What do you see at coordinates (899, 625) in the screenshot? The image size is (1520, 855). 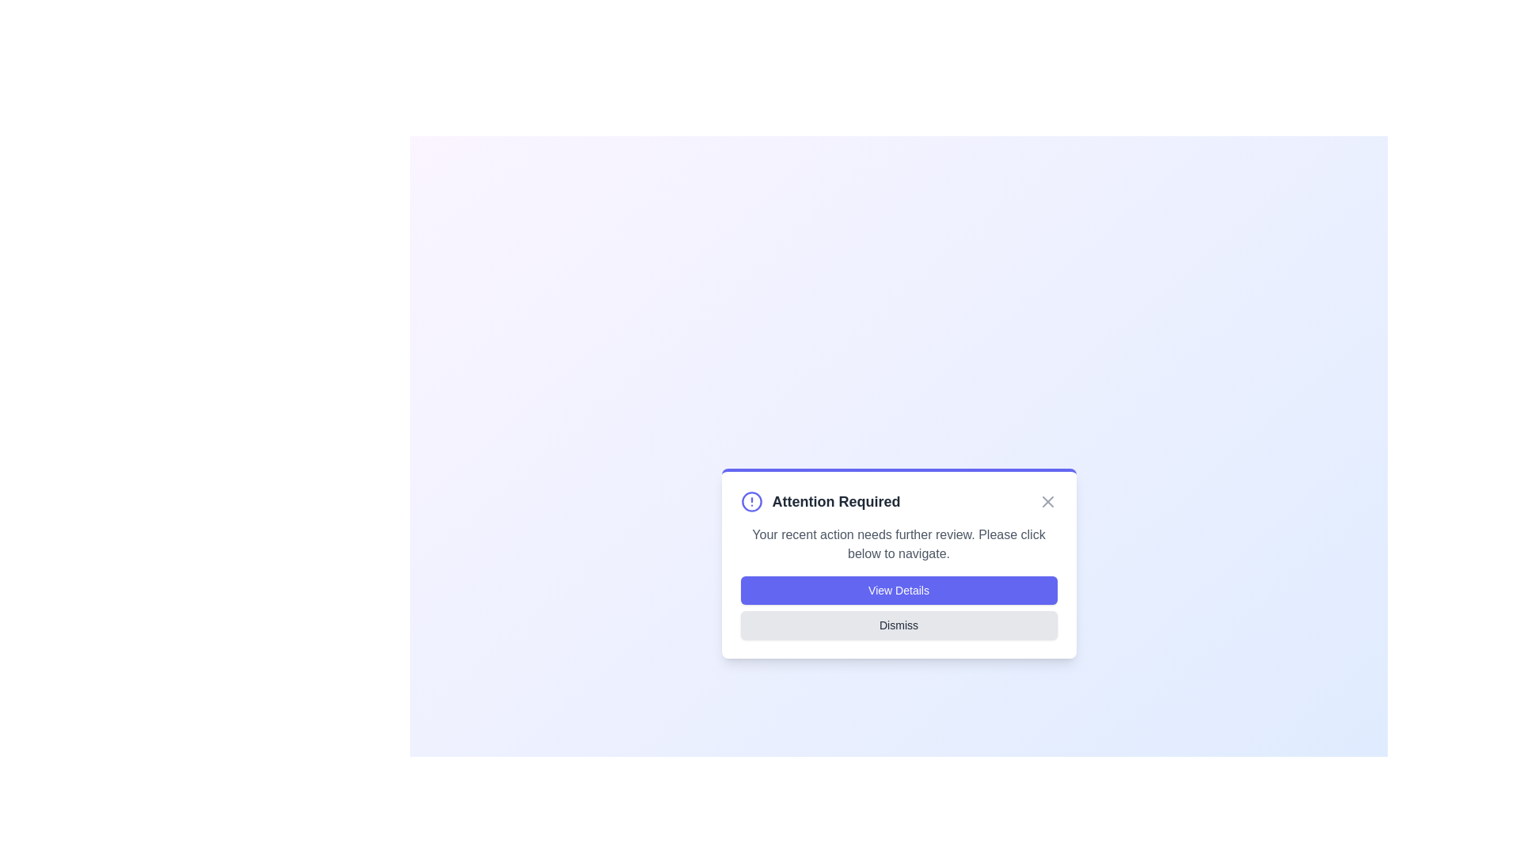 I see `the 'Dismiss' button to close the alert` at bounding box center [899, 625].